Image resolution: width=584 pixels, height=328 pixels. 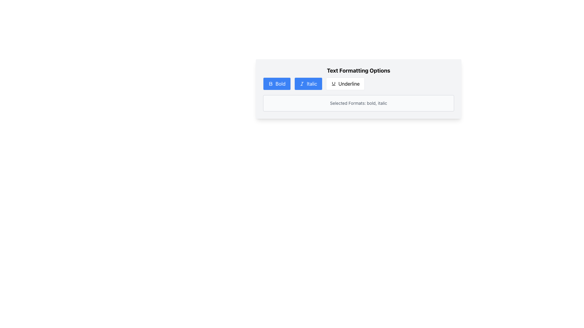 What do you see at coordinates (270, 84) in the screenshot?
I see `the 'Bold' button in the text formatting toolbar, which has a blue background and white text, located at the top-left section of the modal window` at bounding box center [270, 84].